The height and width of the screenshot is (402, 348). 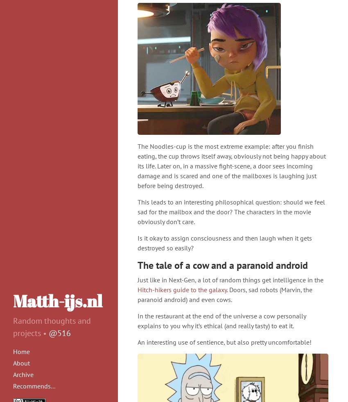 What do you see at coordinates (138, 265) in the screenshot?
I see `'The tale of a cow and a paranoid android'` at bounding box center [138, 265].